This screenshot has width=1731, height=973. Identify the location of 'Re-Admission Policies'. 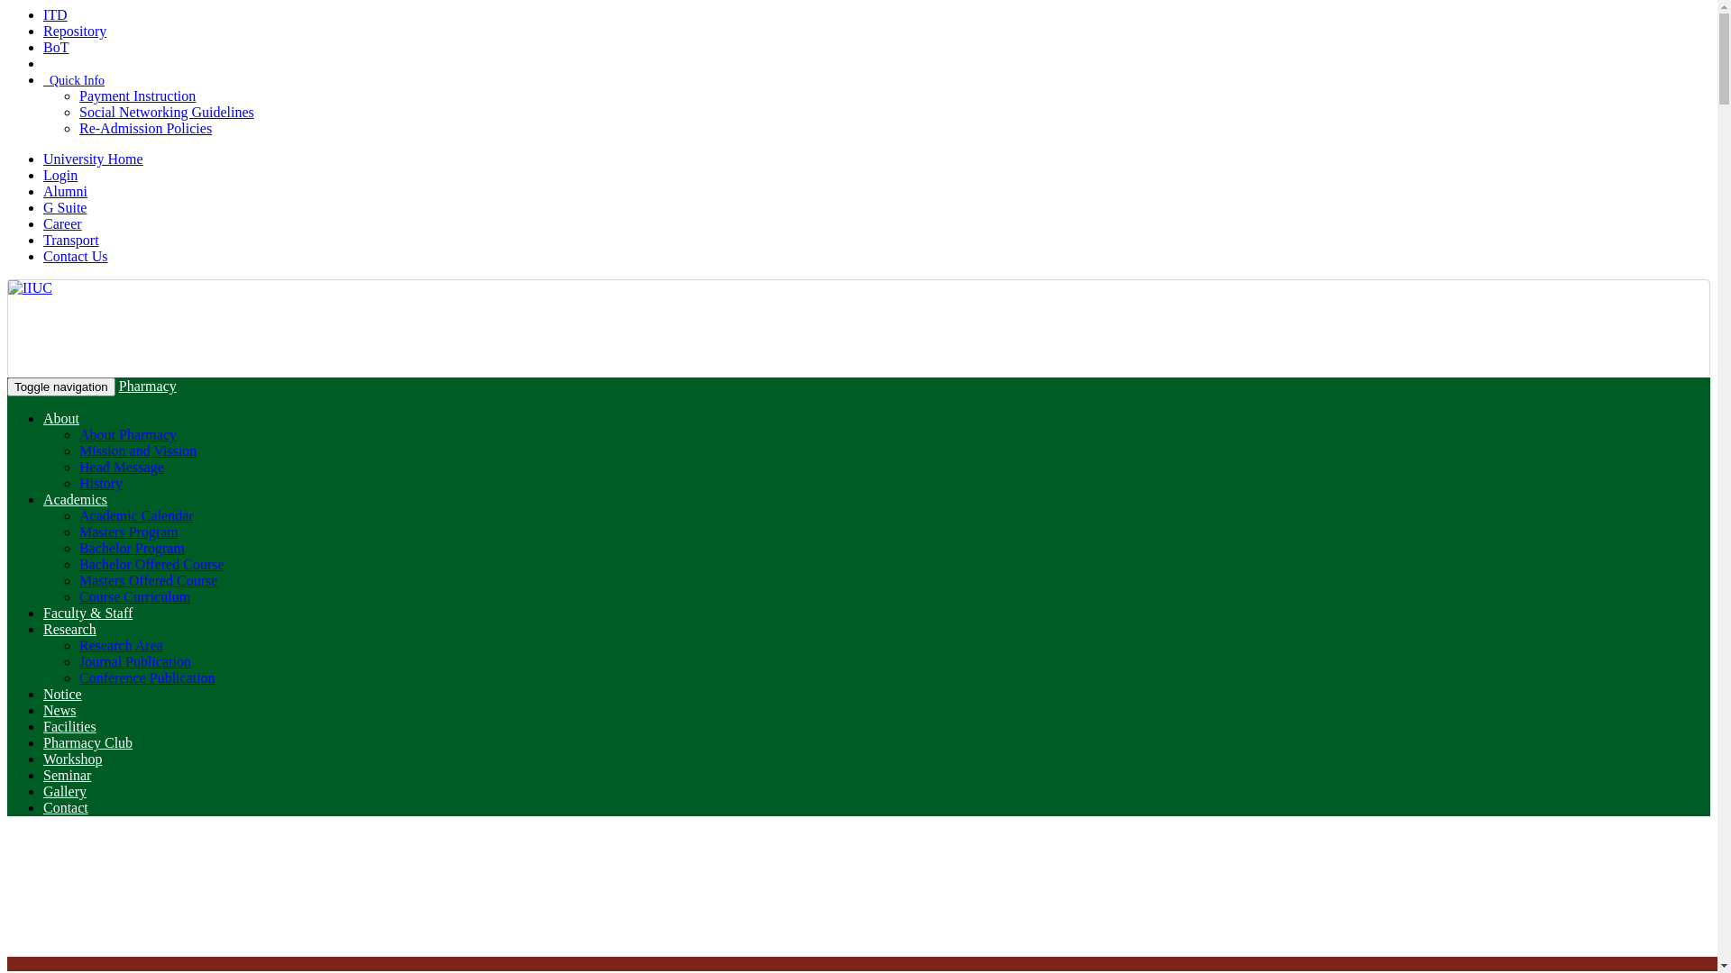
(145, 127).